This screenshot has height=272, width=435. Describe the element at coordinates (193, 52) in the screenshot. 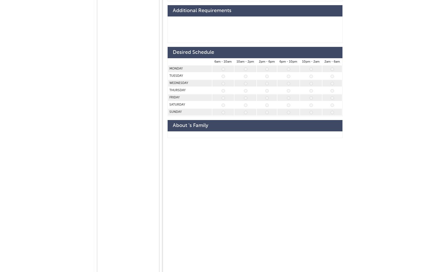

I see `'Desired Schedule'` at that location.